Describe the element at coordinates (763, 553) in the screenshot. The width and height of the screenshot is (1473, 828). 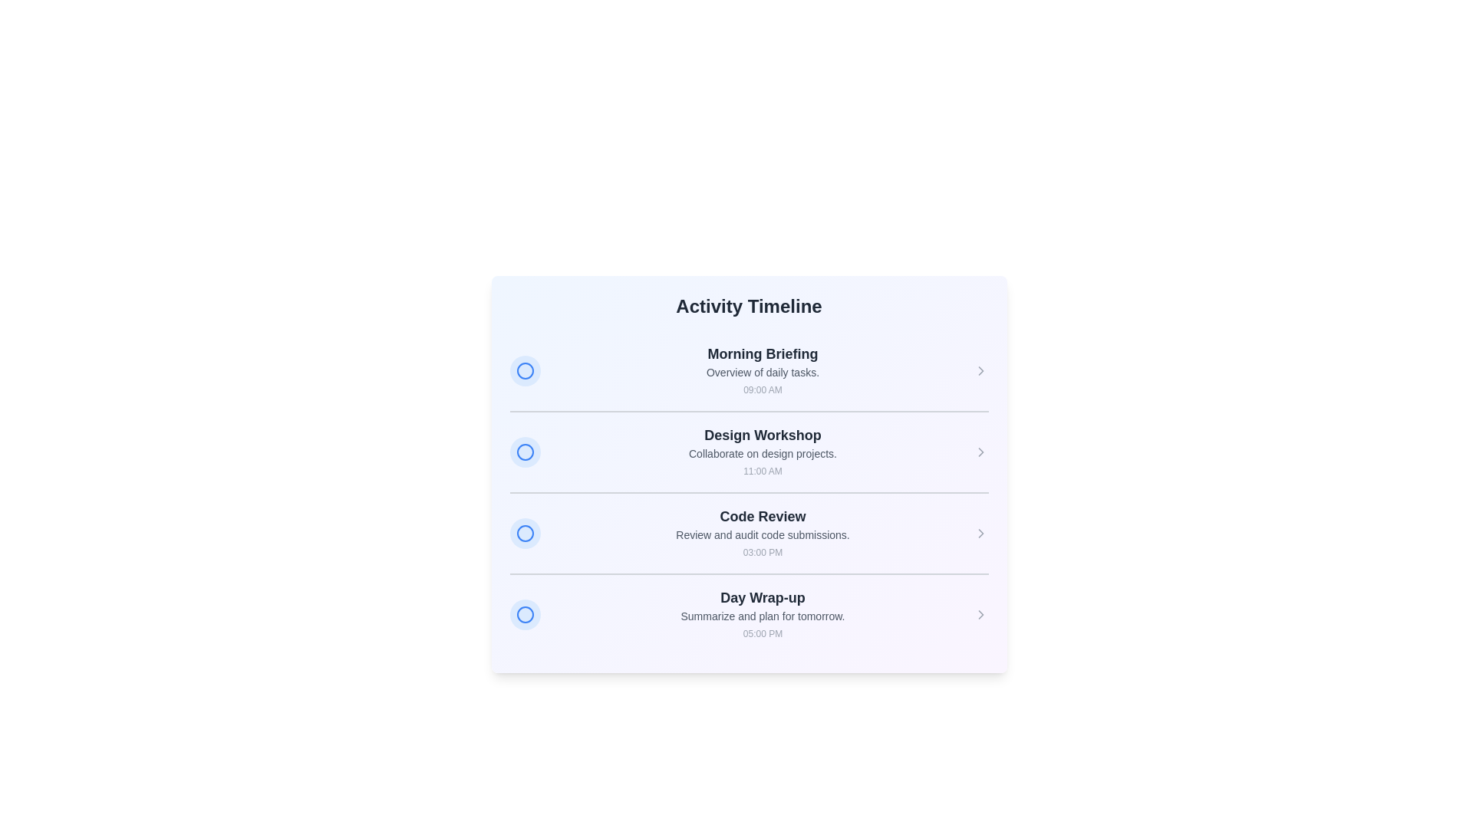
I see `displayed time from the timestamp text label indicating the scheduled time for the activity 'Code Review', which is located below the description text 'Review and audit code submissions.'` at that location.